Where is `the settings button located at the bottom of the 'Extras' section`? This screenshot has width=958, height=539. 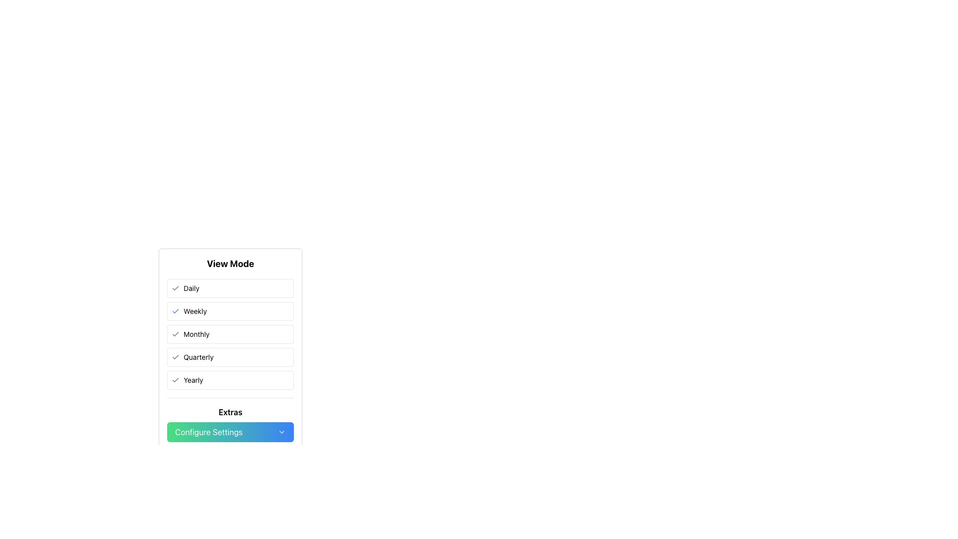 the settings button located at the bottom of the 'Extras' section is located at coordinates (230, 432).